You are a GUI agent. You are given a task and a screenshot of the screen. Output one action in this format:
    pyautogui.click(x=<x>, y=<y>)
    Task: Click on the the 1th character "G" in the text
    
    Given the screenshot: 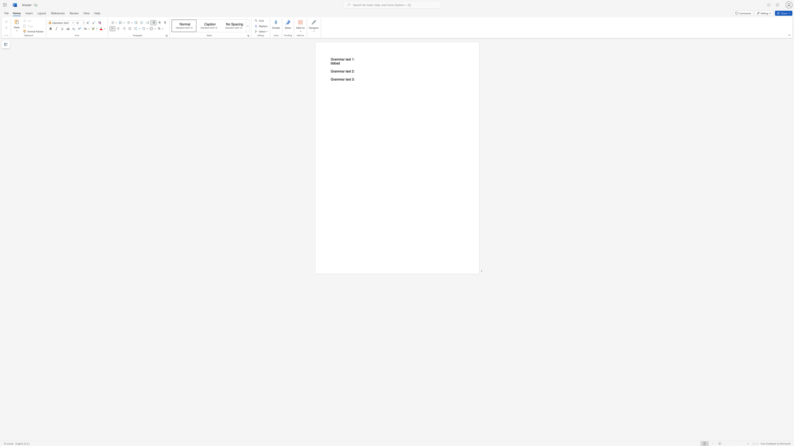 What is the action you would take?
    pyautogui.click(x=332, y=59)
    